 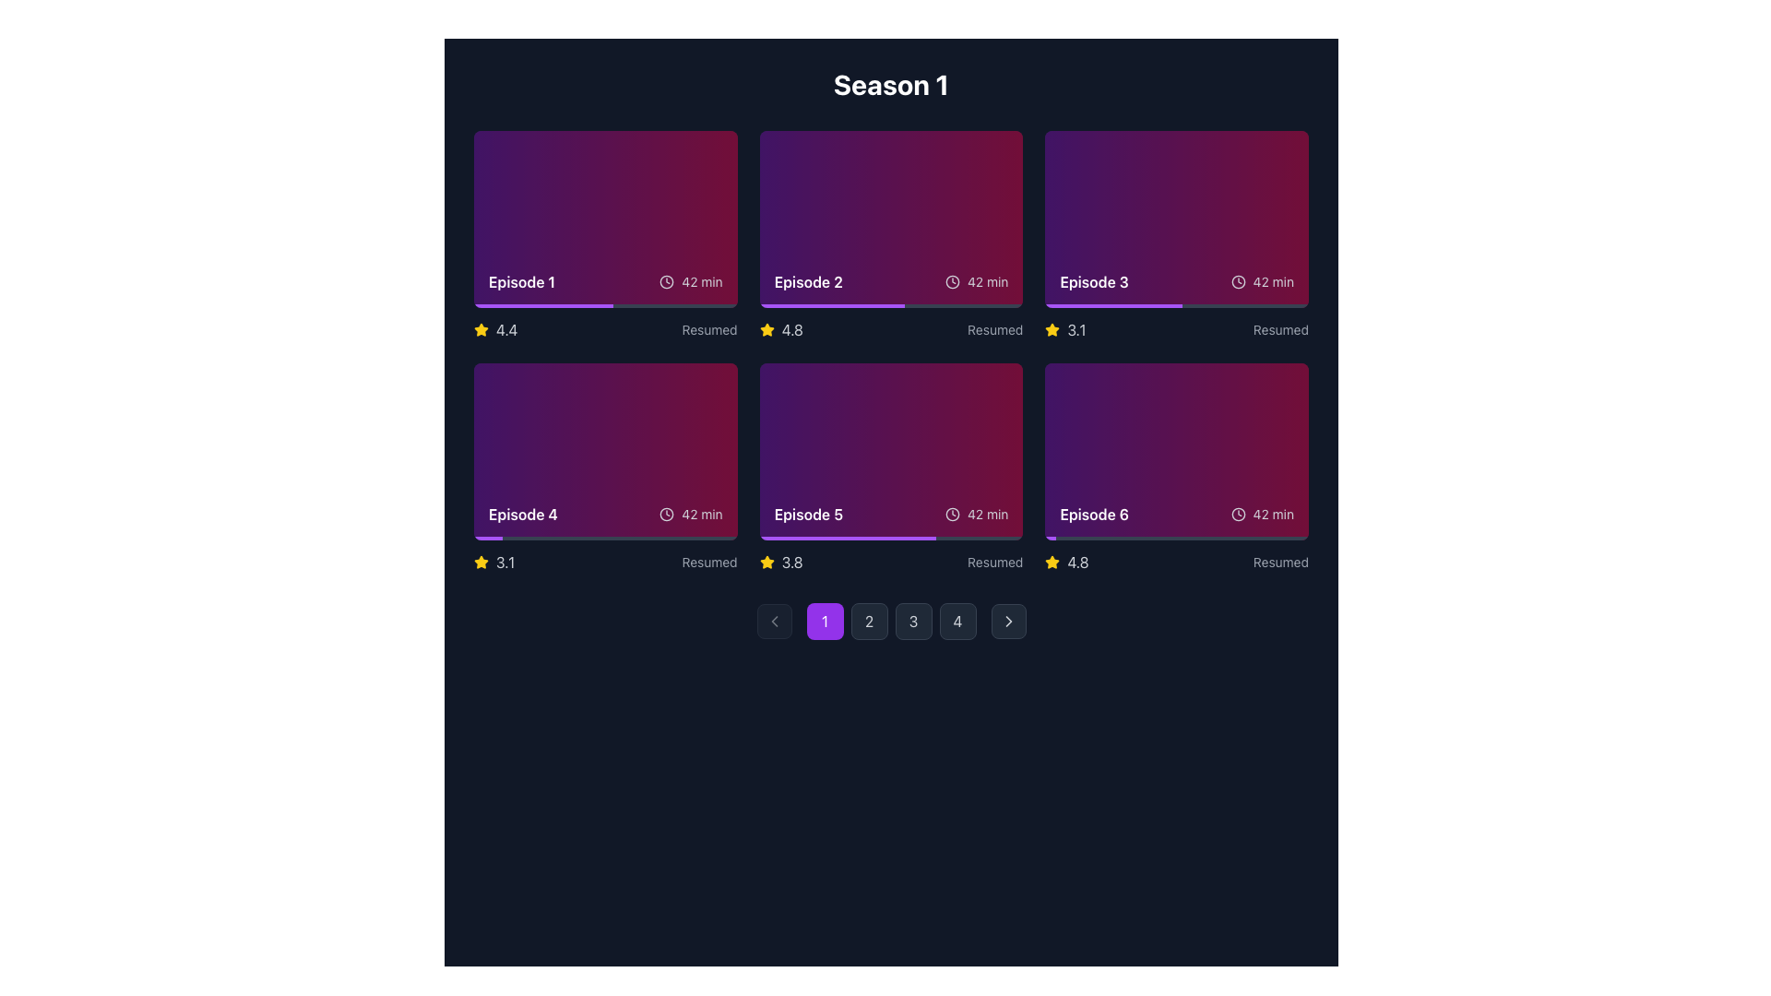 I want to click on text displaying '42 min' in gray color located in the top-right corner of the episode card, so click(x=1272, y=281).